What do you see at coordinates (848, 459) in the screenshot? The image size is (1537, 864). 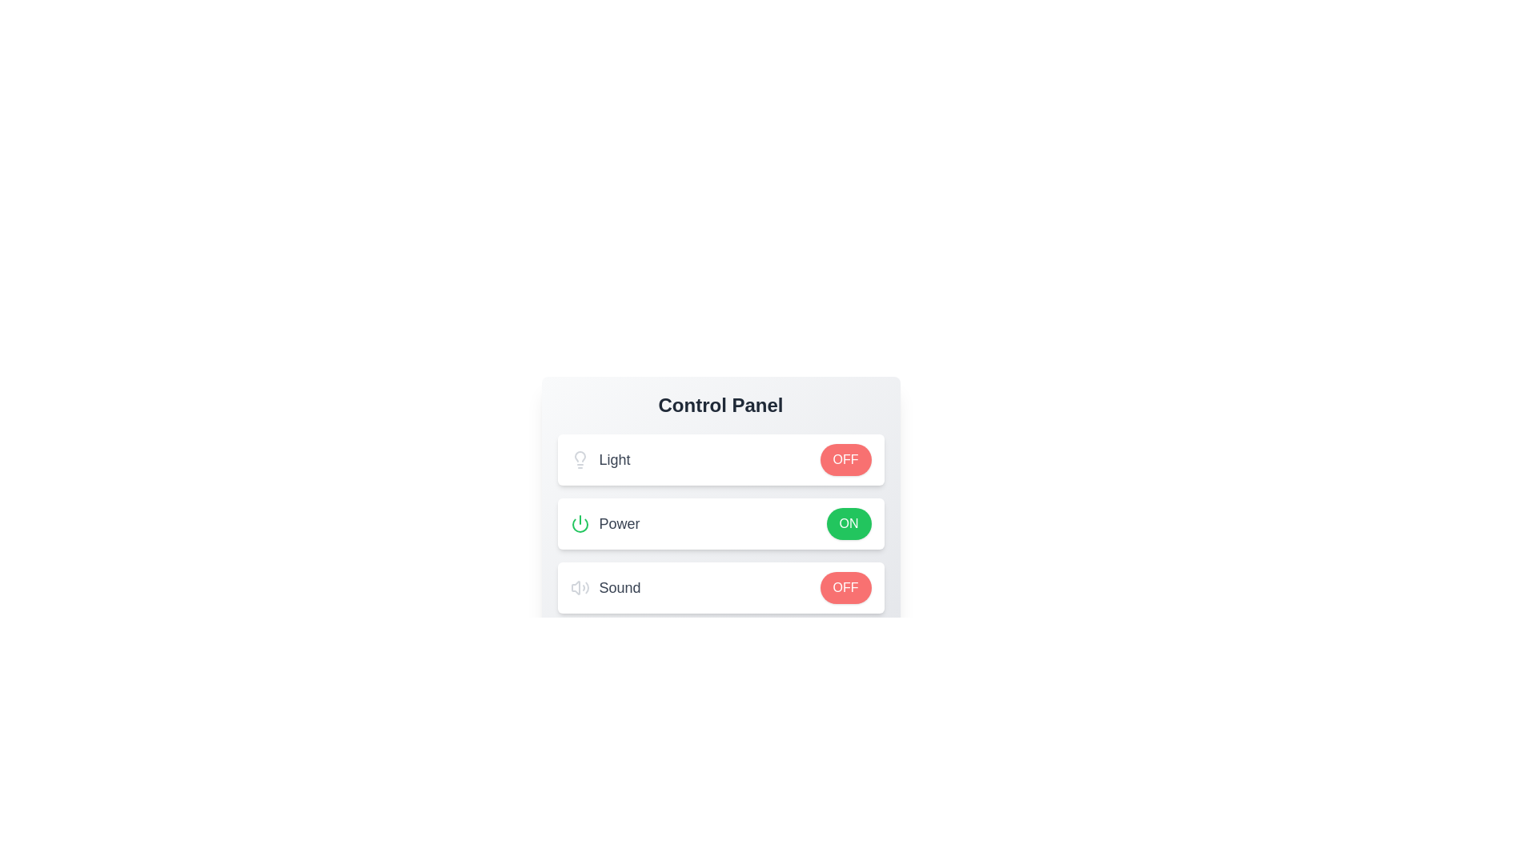 I see `button corresponding to the control Light and state ON` at bounding box center [848, 459].